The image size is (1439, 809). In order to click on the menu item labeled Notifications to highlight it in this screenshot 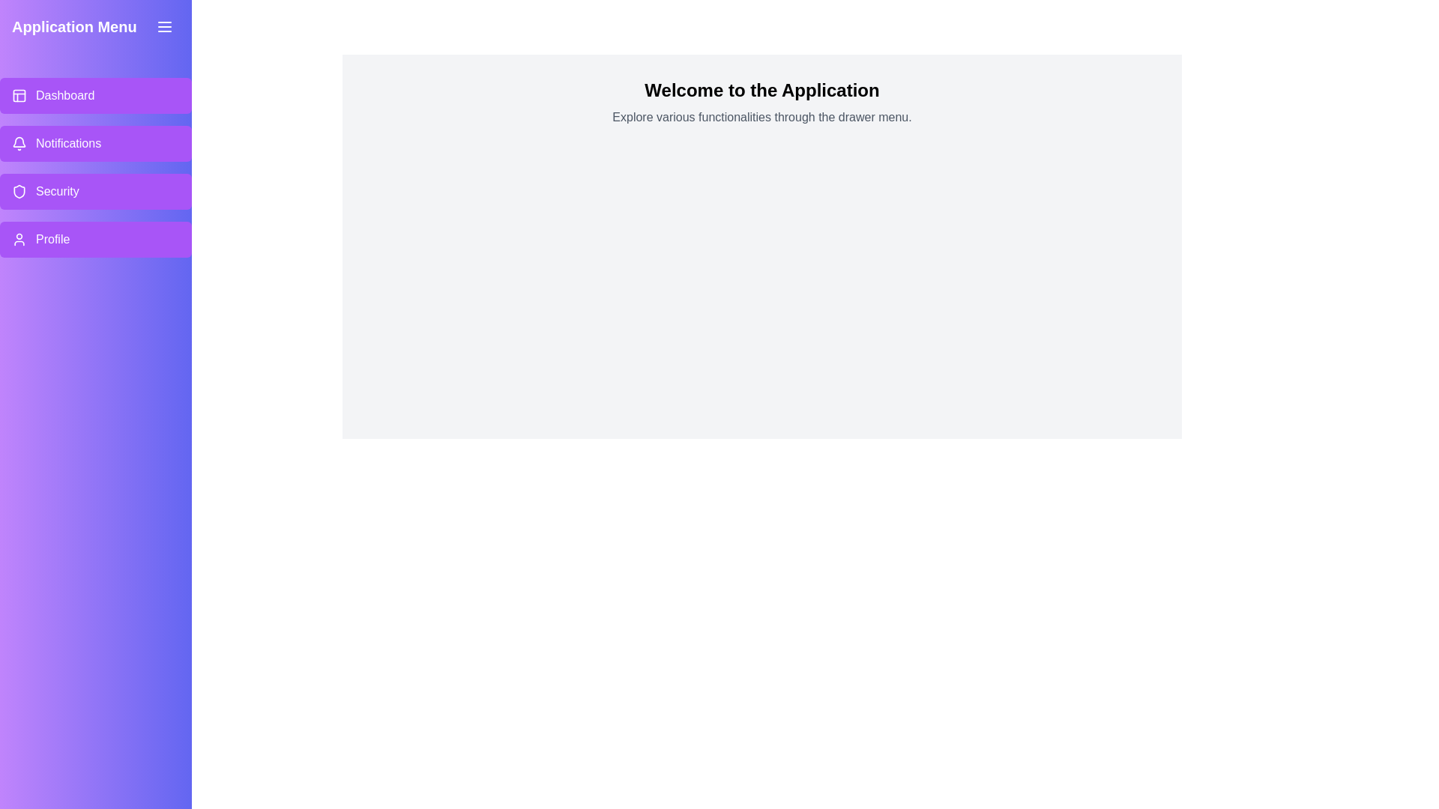, I will do `click(95, 144)`.